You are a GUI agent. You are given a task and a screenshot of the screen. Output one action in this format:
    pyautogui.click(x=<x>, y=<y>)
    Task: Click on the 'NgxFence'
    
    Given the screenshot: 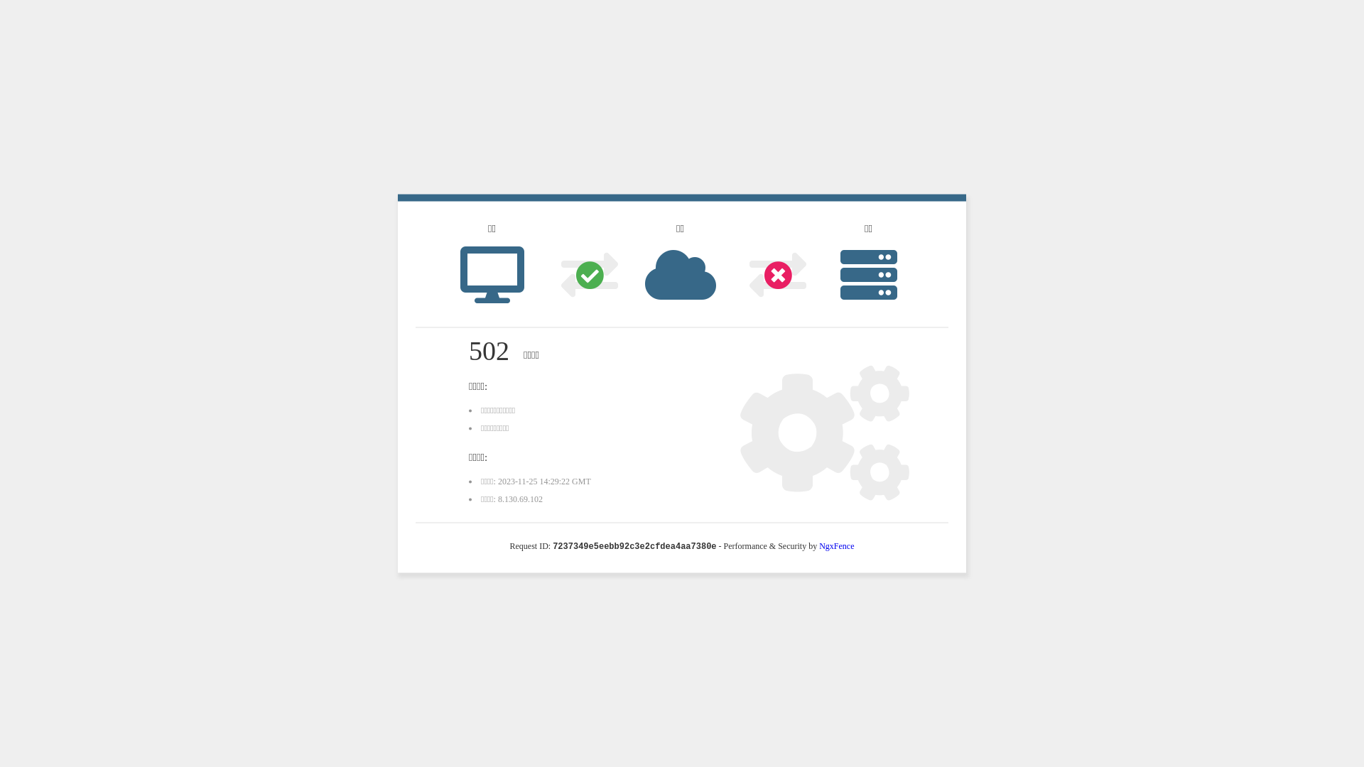 What is the action you would take?
    pyautogui.click(x=818, y=545)
    